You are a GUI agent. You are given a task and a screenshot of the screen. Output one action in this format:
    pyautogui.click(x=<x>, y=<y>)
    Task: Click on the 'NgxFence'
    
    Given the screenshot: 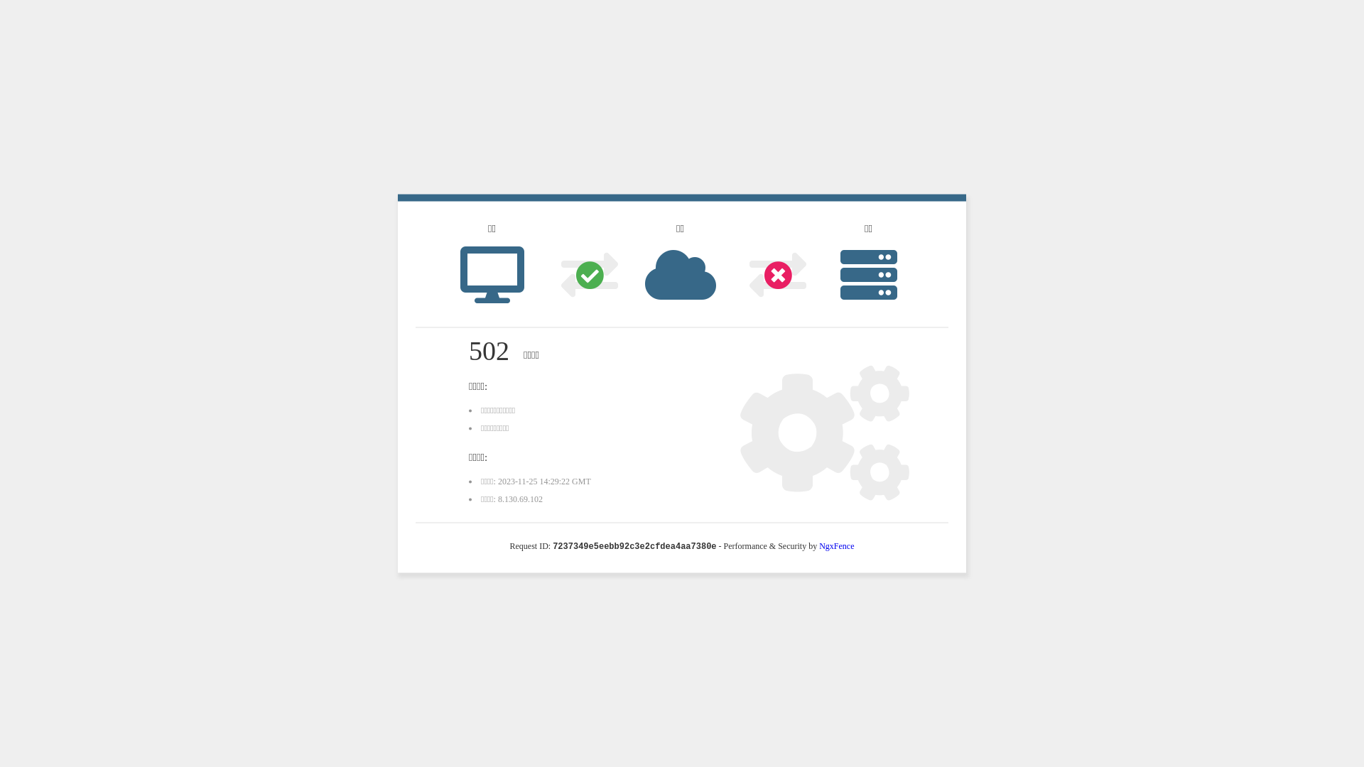 What is the action you would take?
    pyautogui.click(x=818, y=545)
    